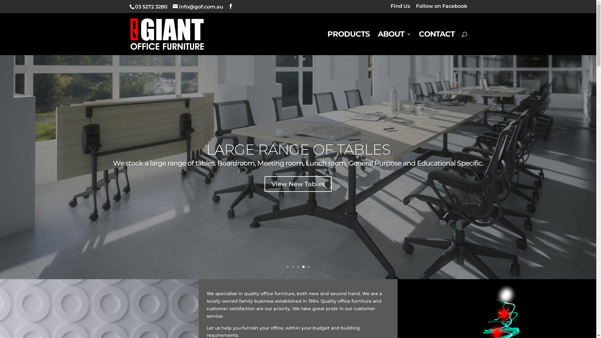 The width and height of the screenshot is (601, 338). What do you see at coordinates (291, 267) in the screenshot?
I see `'2'` at bounding box center [291, 267].